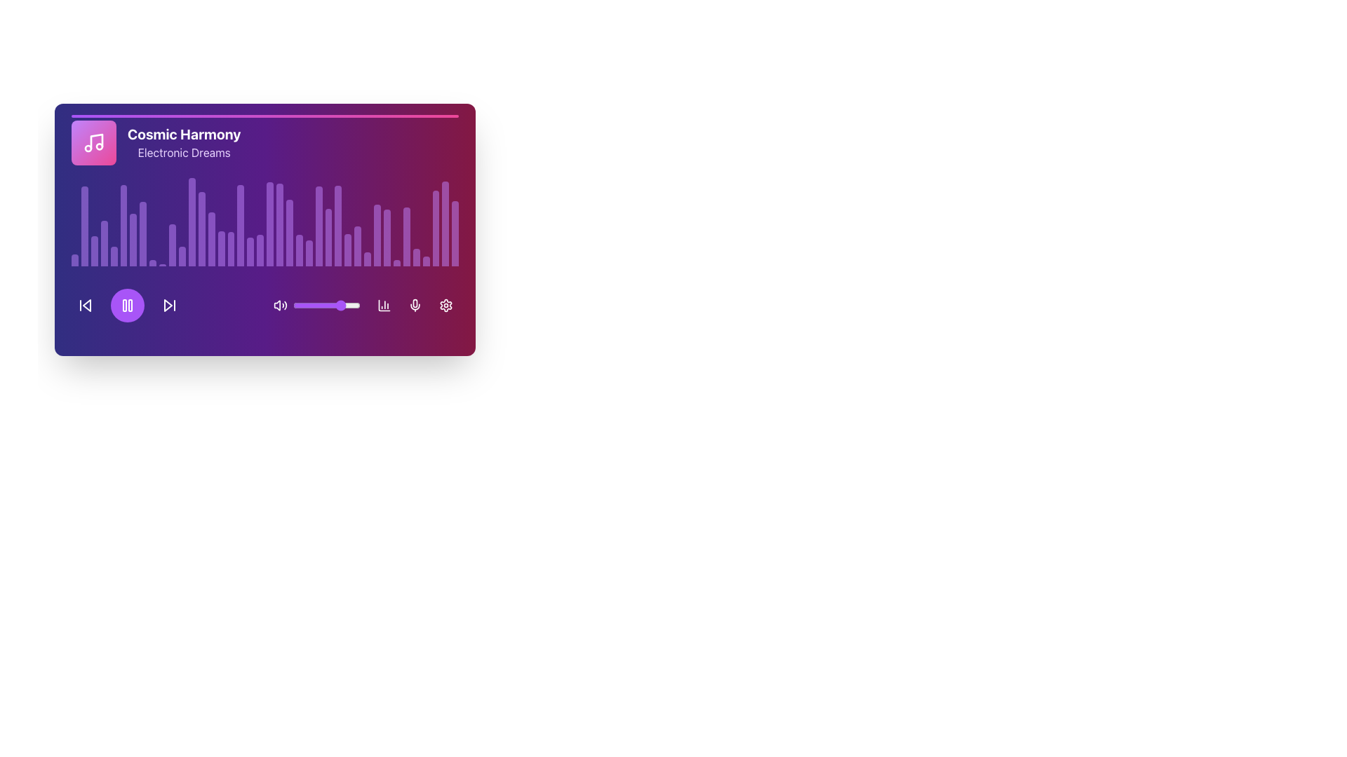 This screenshot has width=1347, height=757. Describe the element at coordinates (168, 304) in the screenshot. I see `the skip forward button located immediately to the right of the play/pause button labeled '00'` at that location.